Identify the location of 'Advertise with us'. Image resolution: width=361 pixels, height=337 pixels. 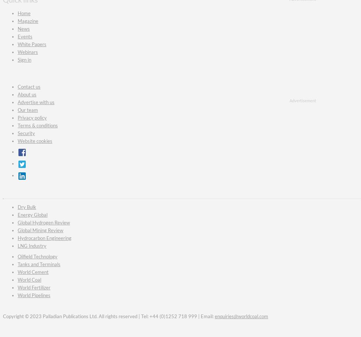
(18, 102).